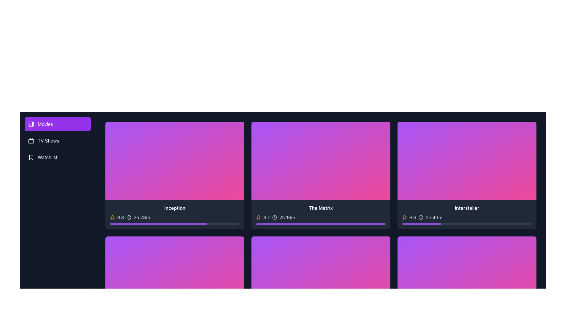  Describe the element at coordinates (58, 140) in the screenshot. I see `the Navigation Button that directs to the 'TV Shows' section, located between the 'Movies' and 'Watchlist' buttons in the left panel` at that location.